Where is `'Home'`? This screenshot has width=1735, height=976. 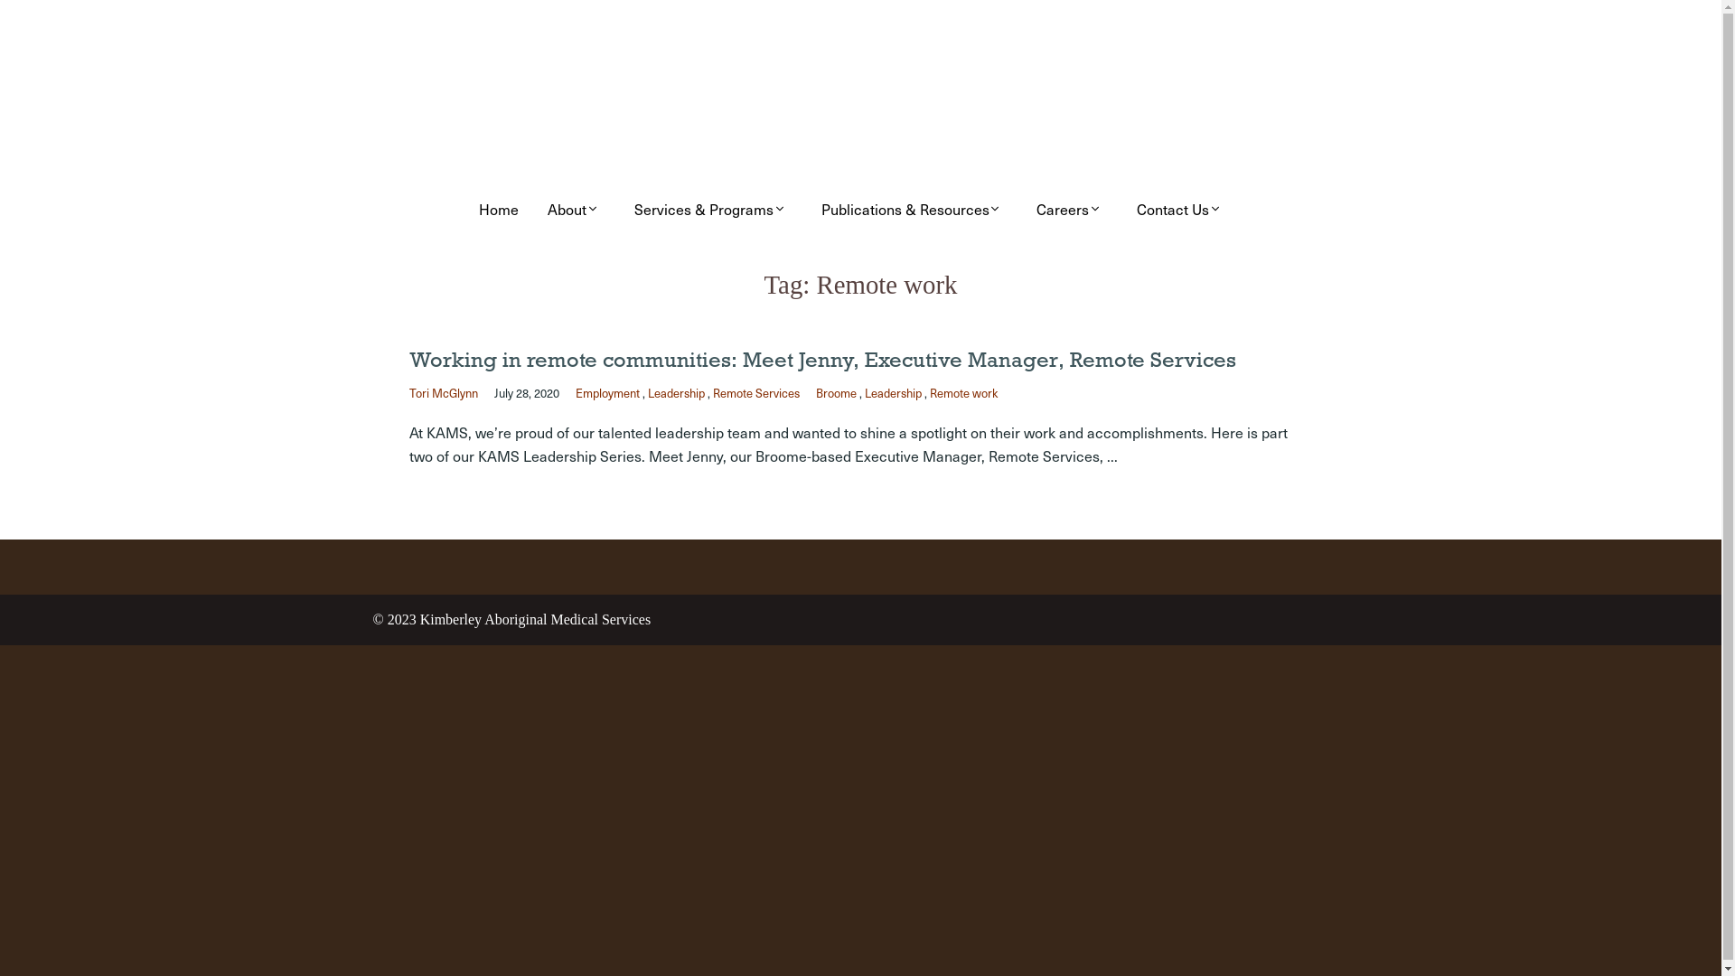 'Home' is located at coordinates (471, 208).